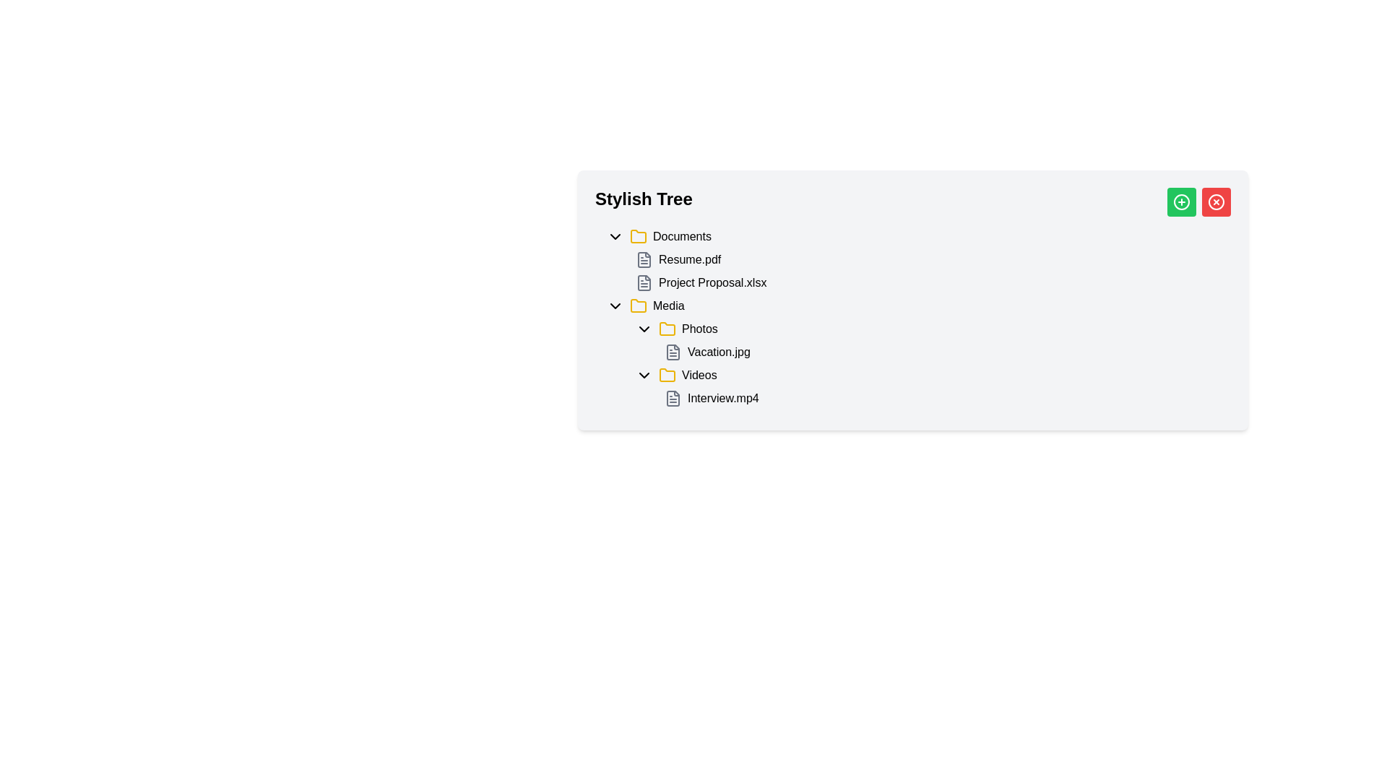 The width and height of the screenshot is (1387, 780). Describe the element at coordinates (644, 283) in the screenshot. I see `the File icon representing a document located adjacent to 'Resume.pdf' under the 'Documents' folder in the tree interface` at that location.